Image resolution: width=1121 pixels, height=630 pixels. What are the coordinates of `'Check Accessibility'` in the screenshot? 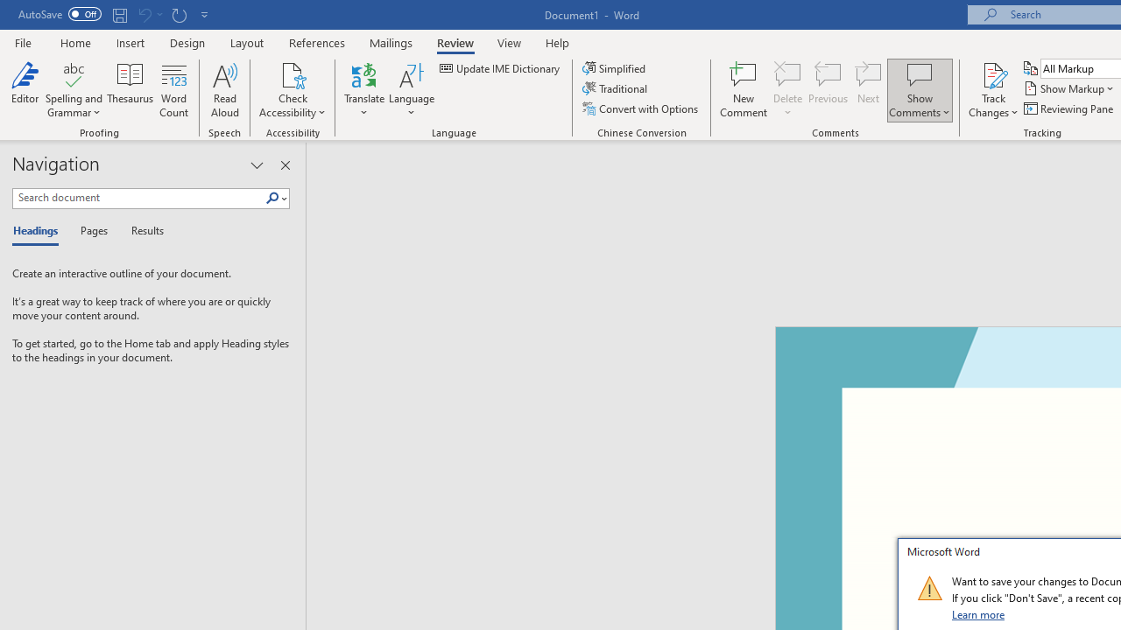 It's located at (293, 90).